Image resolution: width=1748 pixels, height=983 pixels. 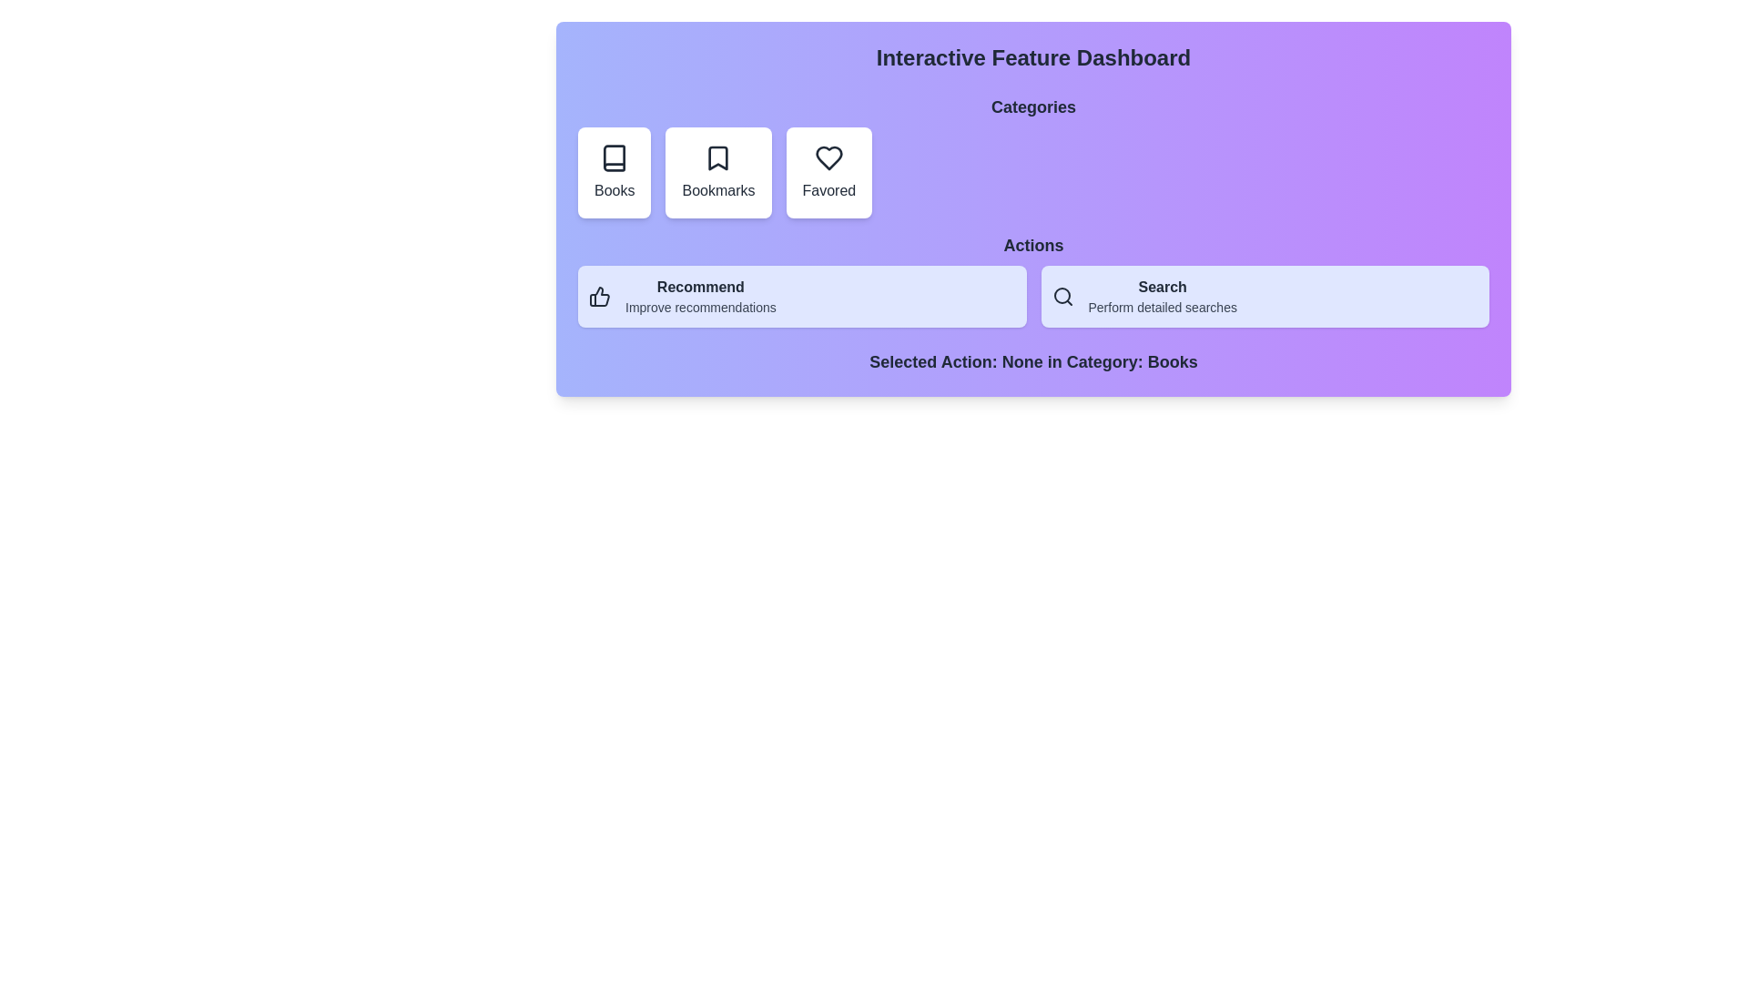 What do you see at coordinates (801, 296) in the screenshot?
I see `the leftmost button in the 'Actions' section` at bounding box center [801, 296].